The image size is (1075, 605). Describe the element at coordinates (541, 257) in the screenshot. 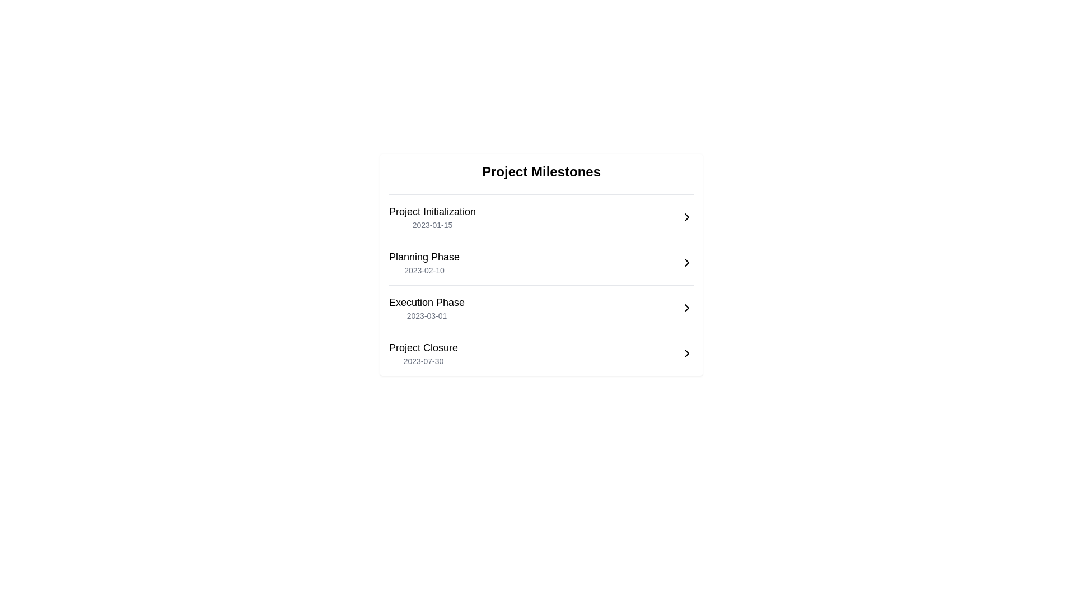

I see `the second list item representing the 'Planning Phase' dated '2023-02-10'` at that location.